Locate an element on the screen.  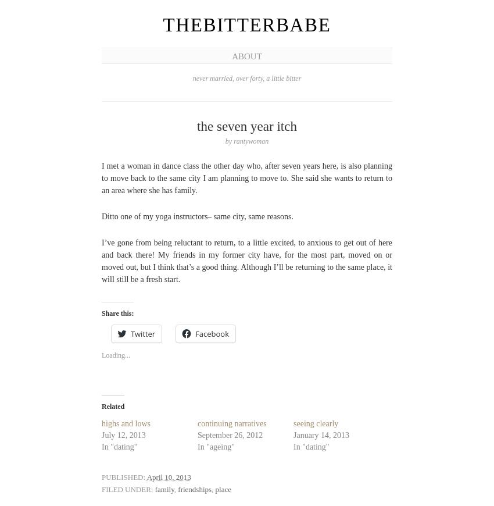
'Filed Under:' is located at coordinates (127, 489).